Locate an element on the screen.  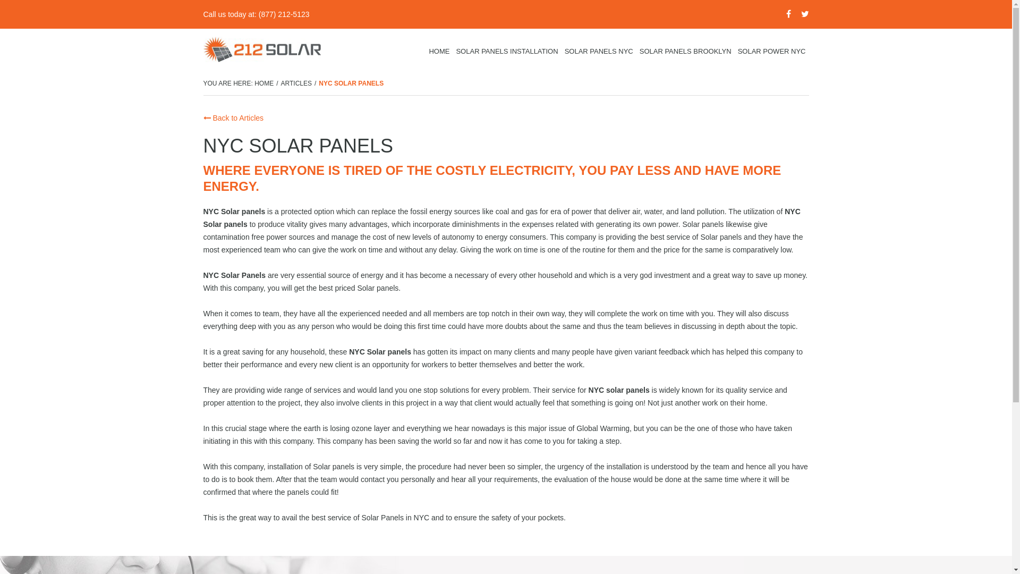
'SOLAR POWER NYC' is located at coordinates (772, 51).